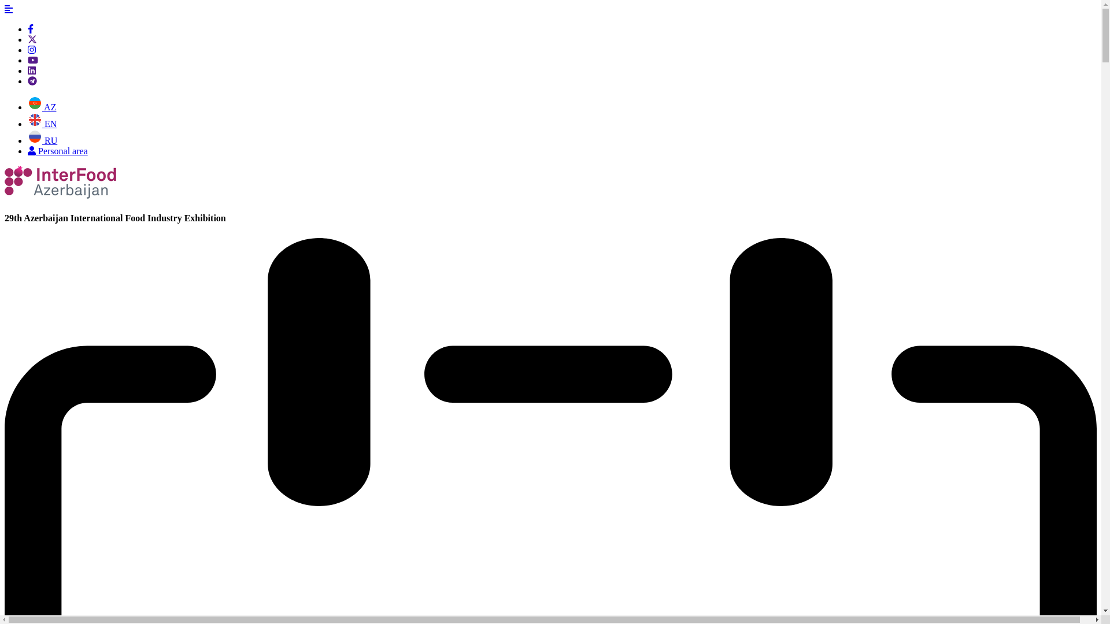 Image resolution: width=1110 pixels, height=624 pixels. Describe the element at coordinates (42, 107) in the screenshot. I see `'AZ'` at that location.